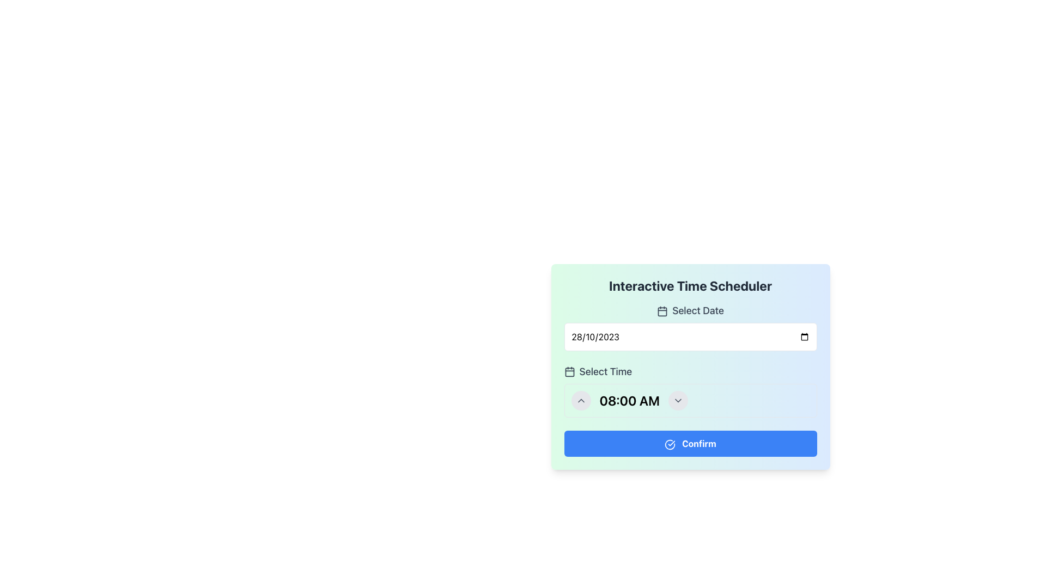  Describe the element at coordinates (690, 336) in the screenshot. I see `a date from the calendar widget by clicking on the Date Input Field, which has rounded borders and displays a date in the format '28/10/2023'` at that location.